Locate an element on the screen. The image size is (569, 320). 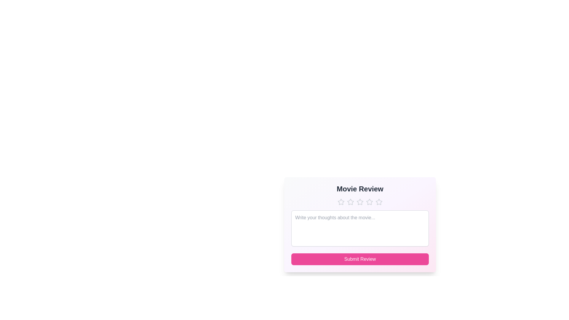
the star icon to set the rating to 2 is located at coordinates (350, 202).